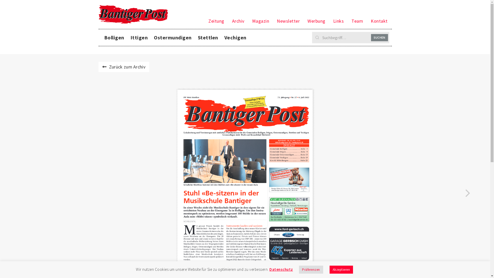 The height and width of the screenshot is (278, 494). What do you see at coordinates (228, 21) in the screenshot?
I see `'Archiv'` at bounding box center [228, 21].